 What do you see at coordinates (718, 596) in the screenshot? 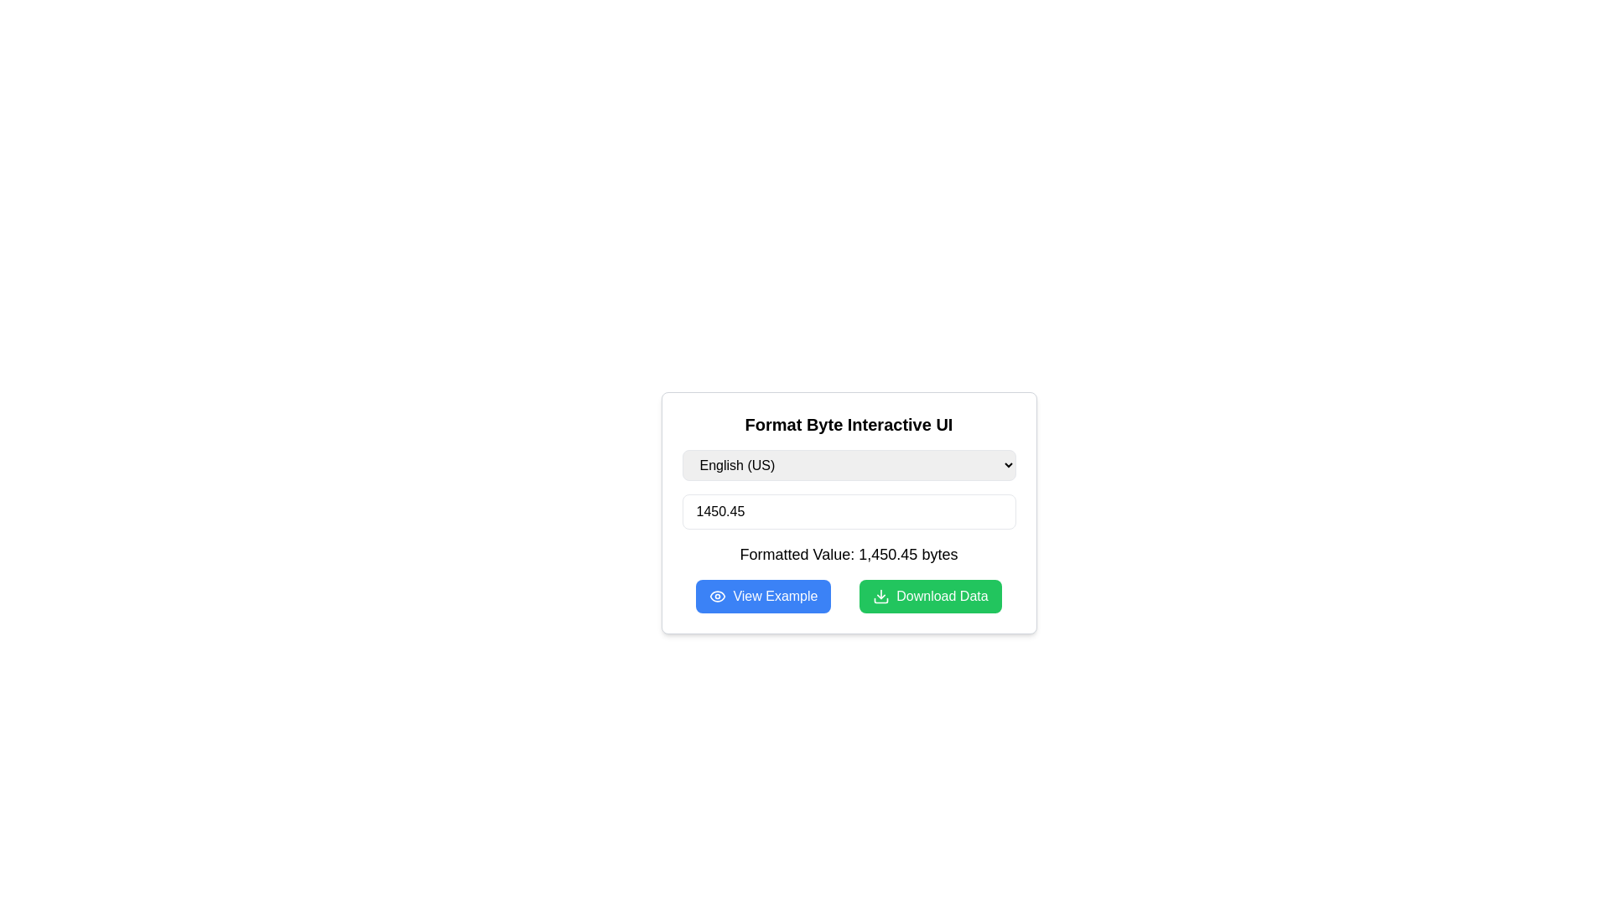
I see `the eye icon located in the bottom section of the interface, which symbolizes visibility or observing and is part of a group of icons for data interaction` at bounding box center [718, 596].